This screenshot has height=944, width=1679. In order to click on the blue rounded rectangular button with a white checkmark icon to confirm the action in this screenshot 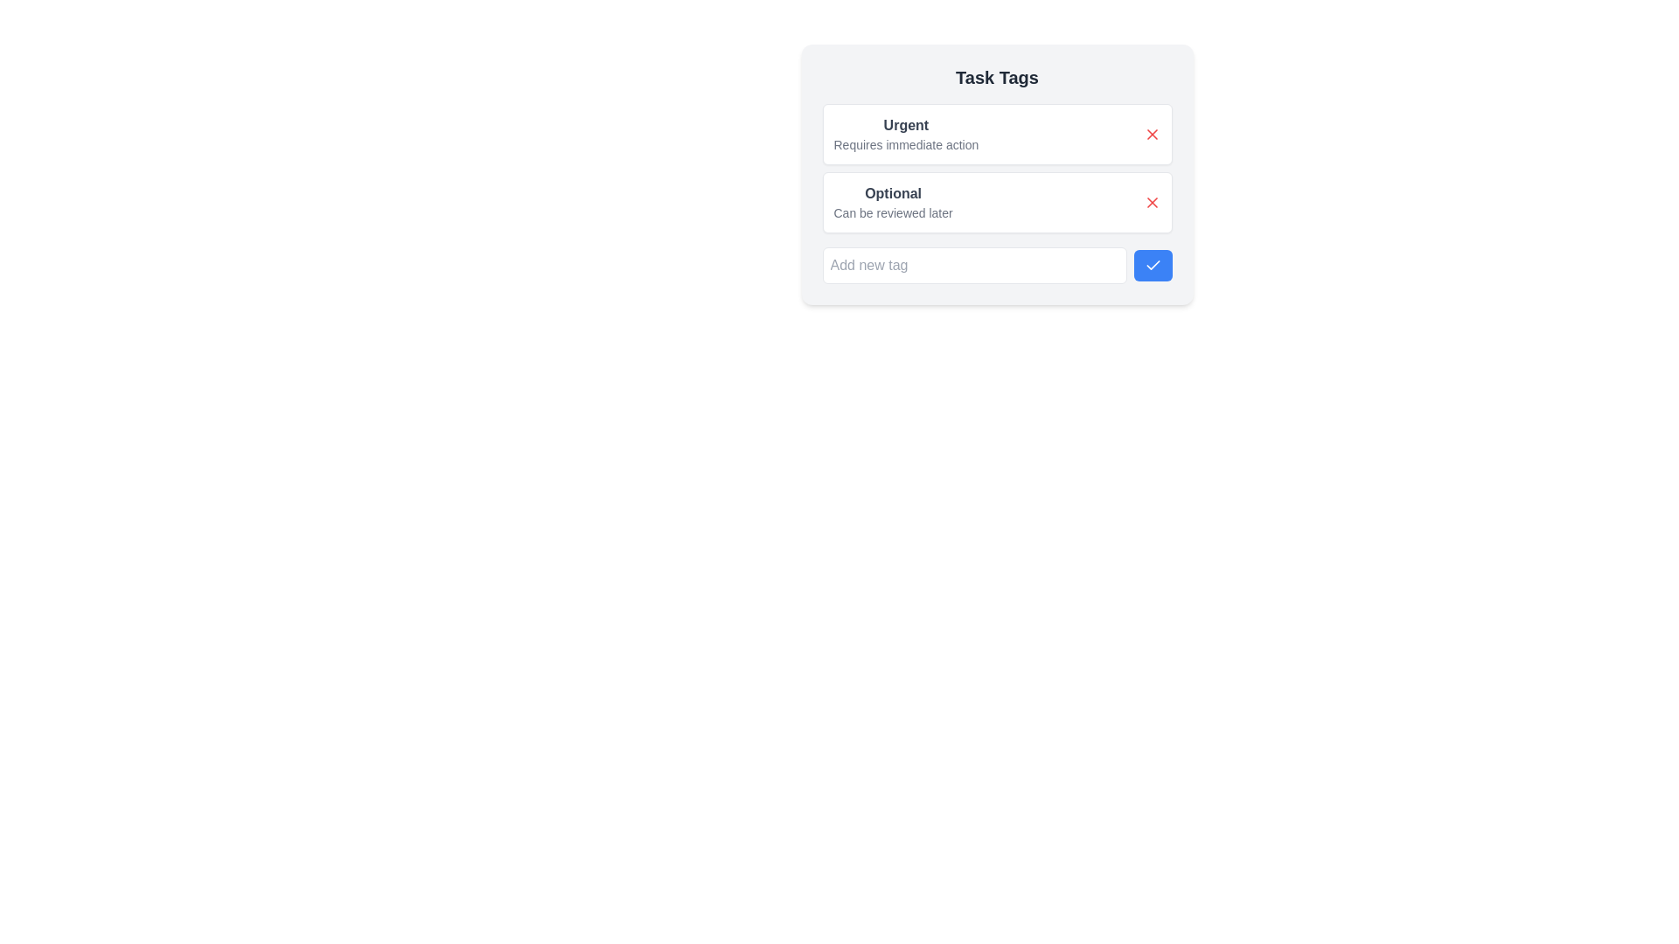, I will do `click(1153, 266)`.